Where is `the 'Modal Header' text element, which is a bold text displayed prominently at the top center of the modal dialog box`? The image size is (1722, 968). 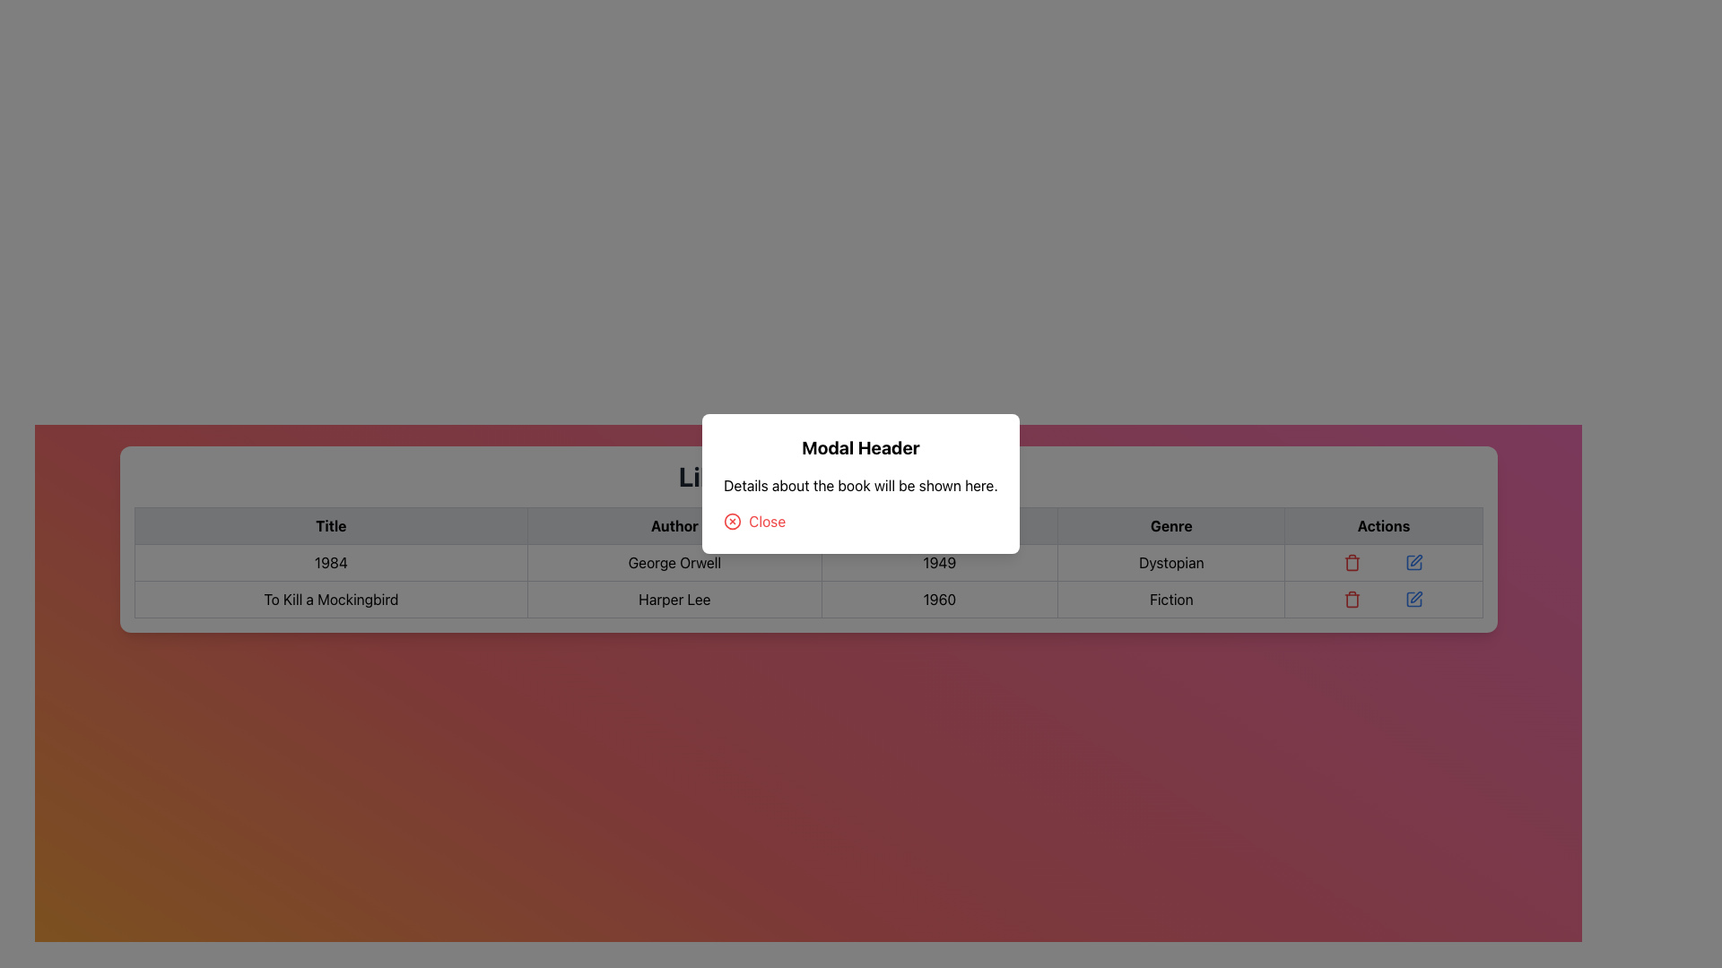
the 'Modal Header' text element, which is a bold text displayed prominently at the top center of the modal dialog box is located at coordinates (861, 447).